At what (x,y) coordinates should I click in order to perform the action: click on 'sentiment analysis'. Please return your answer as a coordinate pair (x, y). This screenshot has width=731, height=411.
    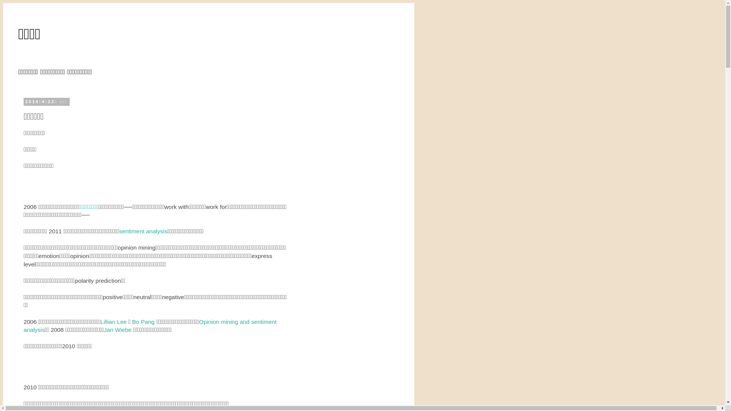
    Looking at the image, I should click on (143, 231).